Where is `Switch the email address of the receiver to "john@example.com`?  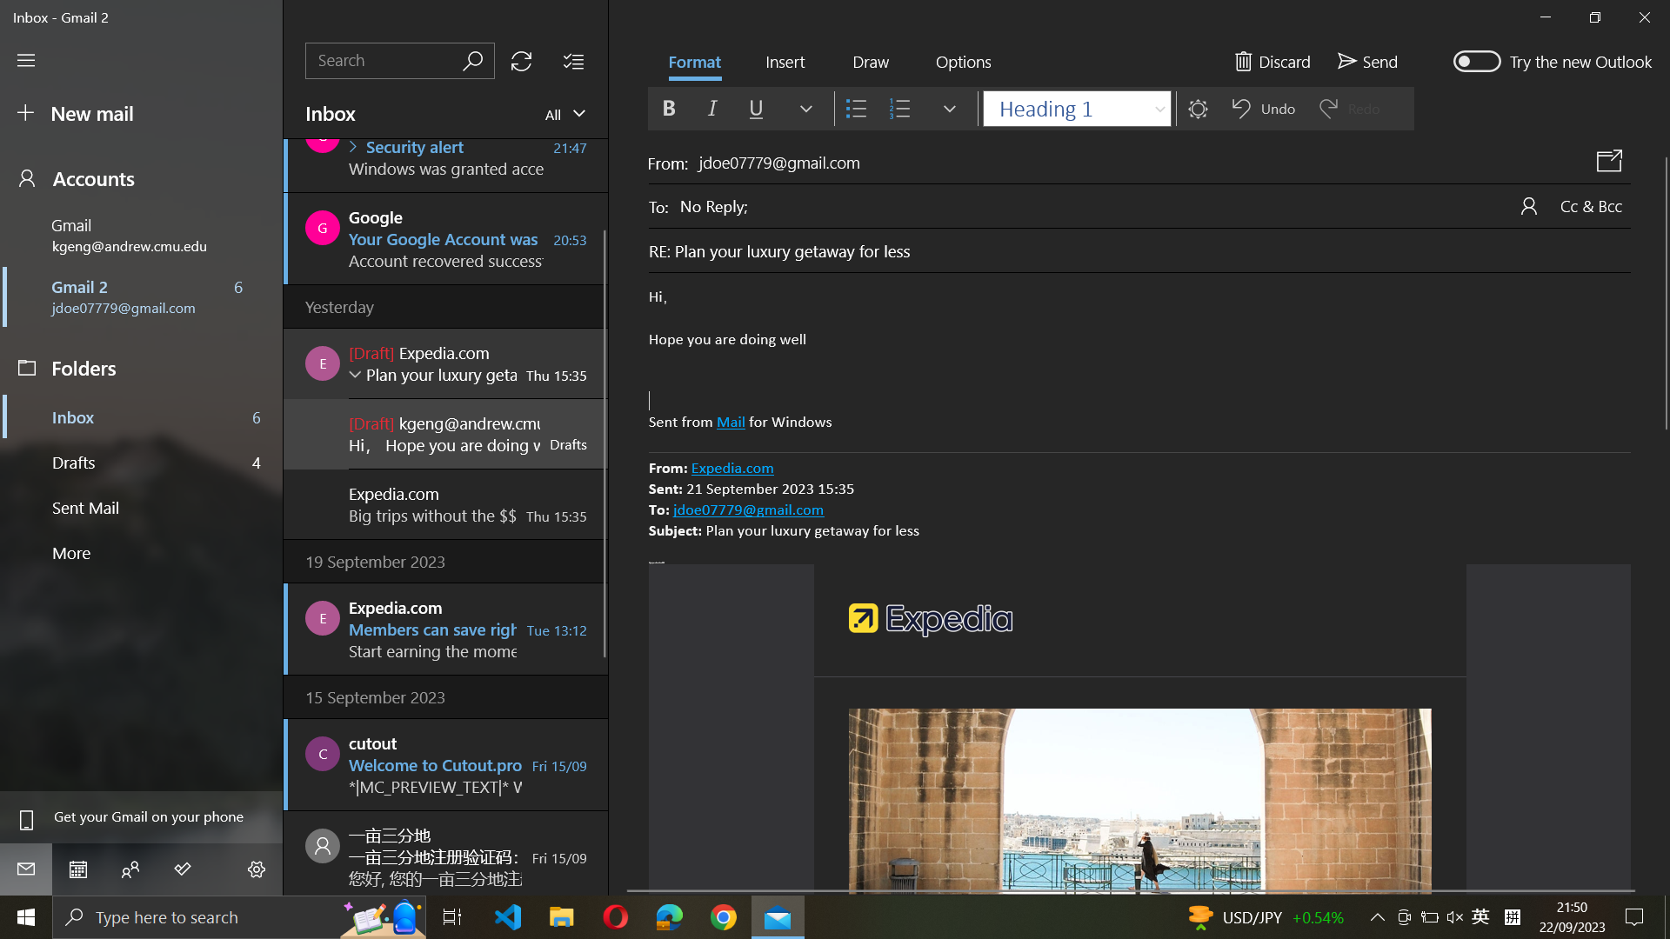
Switch the email address of the receiver to "john@example.com is located at coordinates (1155, 203).